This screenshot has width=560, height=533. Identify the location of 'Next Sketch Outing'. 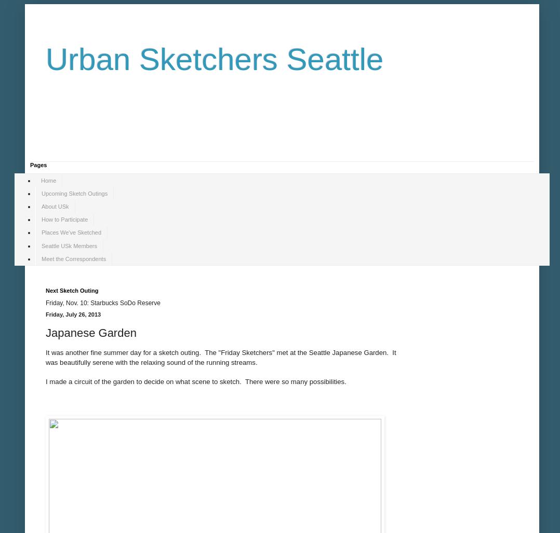
(45, 290).